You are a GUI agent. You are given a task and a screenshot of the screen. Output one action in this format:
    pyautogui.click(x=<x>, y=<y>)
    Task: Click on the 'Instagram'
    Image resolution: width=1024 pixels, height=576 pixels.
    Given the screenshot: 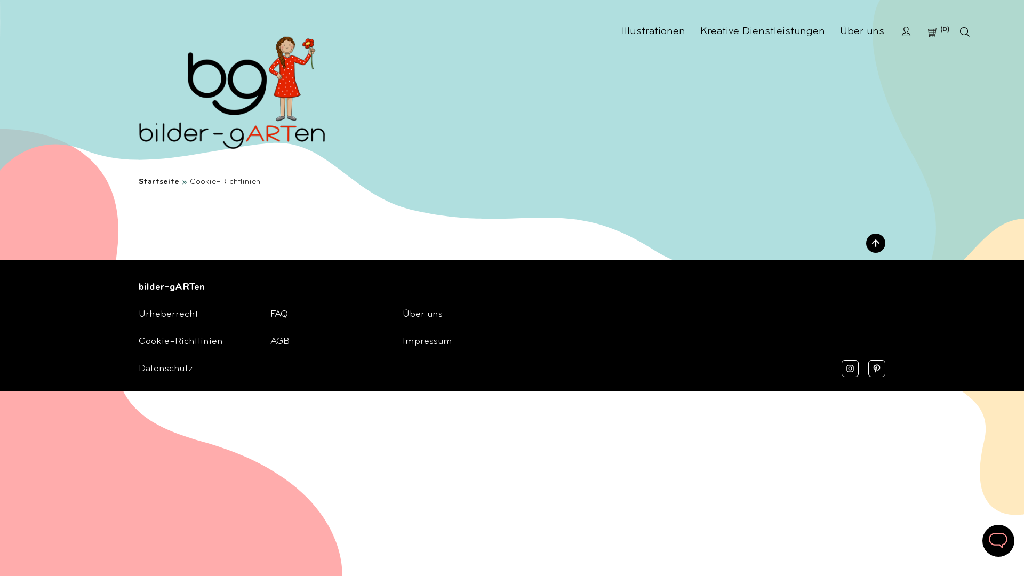 What is the action you would take?
    pyautogui.click(x=849, y=367)
    